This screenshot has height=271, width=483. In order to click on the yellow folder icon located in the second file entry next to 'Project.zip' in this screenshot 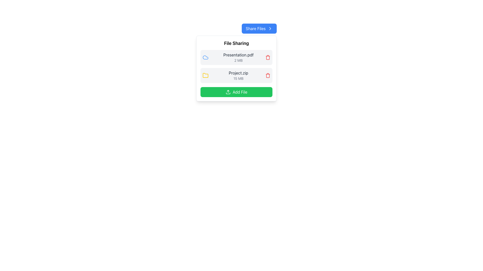, I will do `click(206, 75)`.